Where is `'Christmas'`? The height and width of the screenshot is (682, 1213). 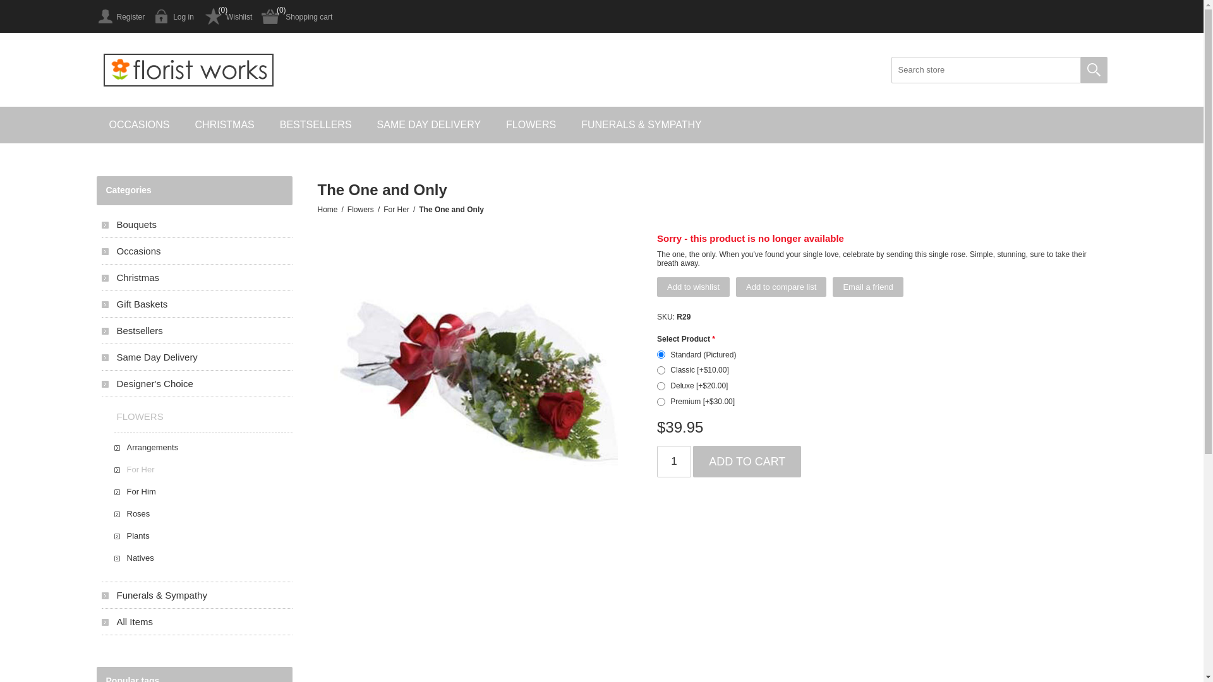 'Christmas' is located at coordinates (196, 277).